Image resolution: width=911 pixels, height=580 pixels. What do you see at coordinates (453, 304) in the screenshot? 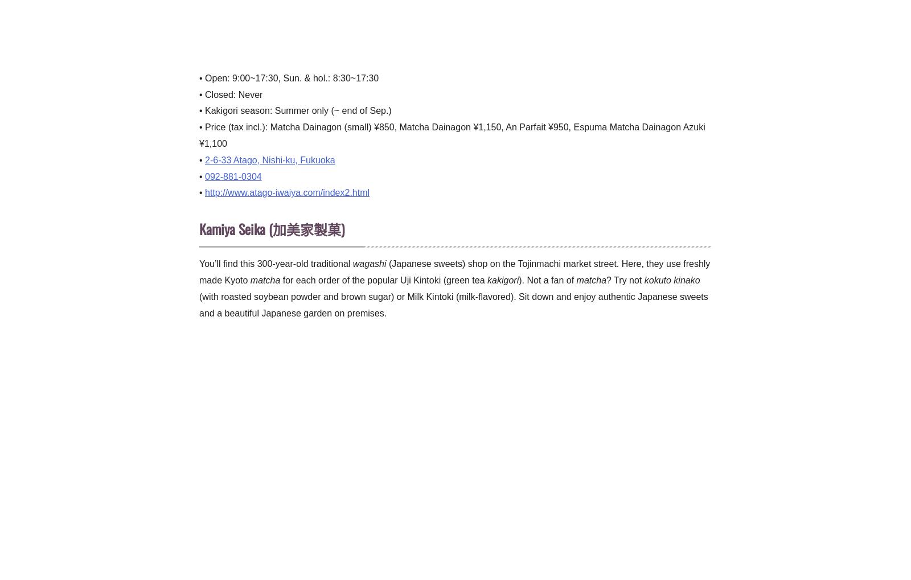
I see `'(with roasted soybean powder and brown sugar) or Milk Kintoki (milk-flavored). Sit down and enjoy authentic Japanese sweets and a beautiful Japanese garden on premises.'` at bounding box center [453, 304].